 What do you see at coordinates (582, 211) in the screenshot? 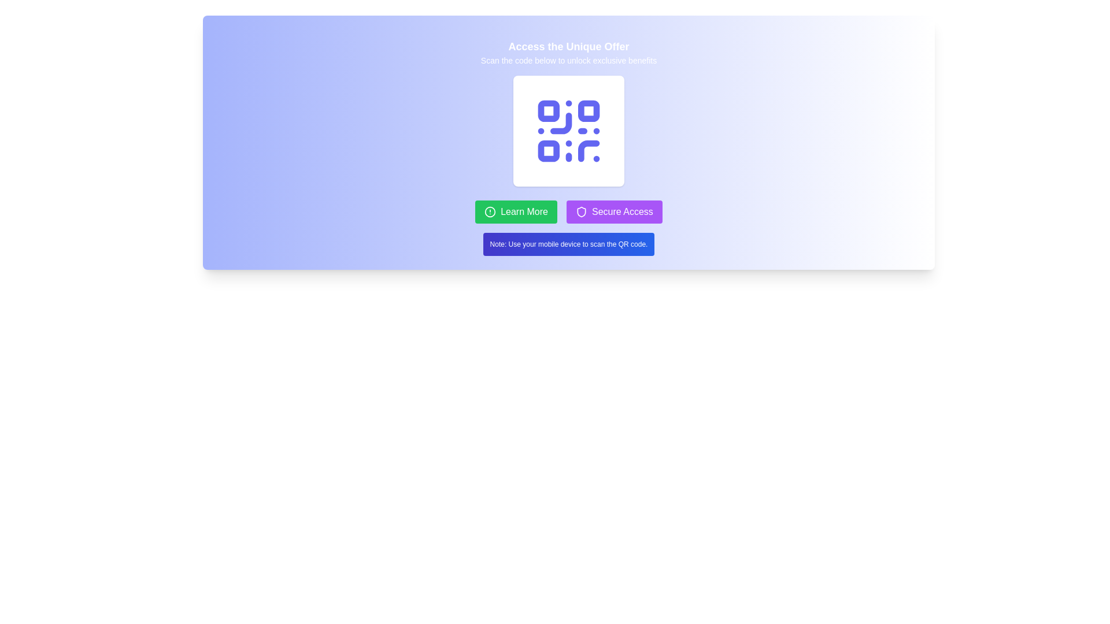
I see `the icon located to the left of the 'Secure Access' label within the Secure Access button` at bounding box center [582, 211].